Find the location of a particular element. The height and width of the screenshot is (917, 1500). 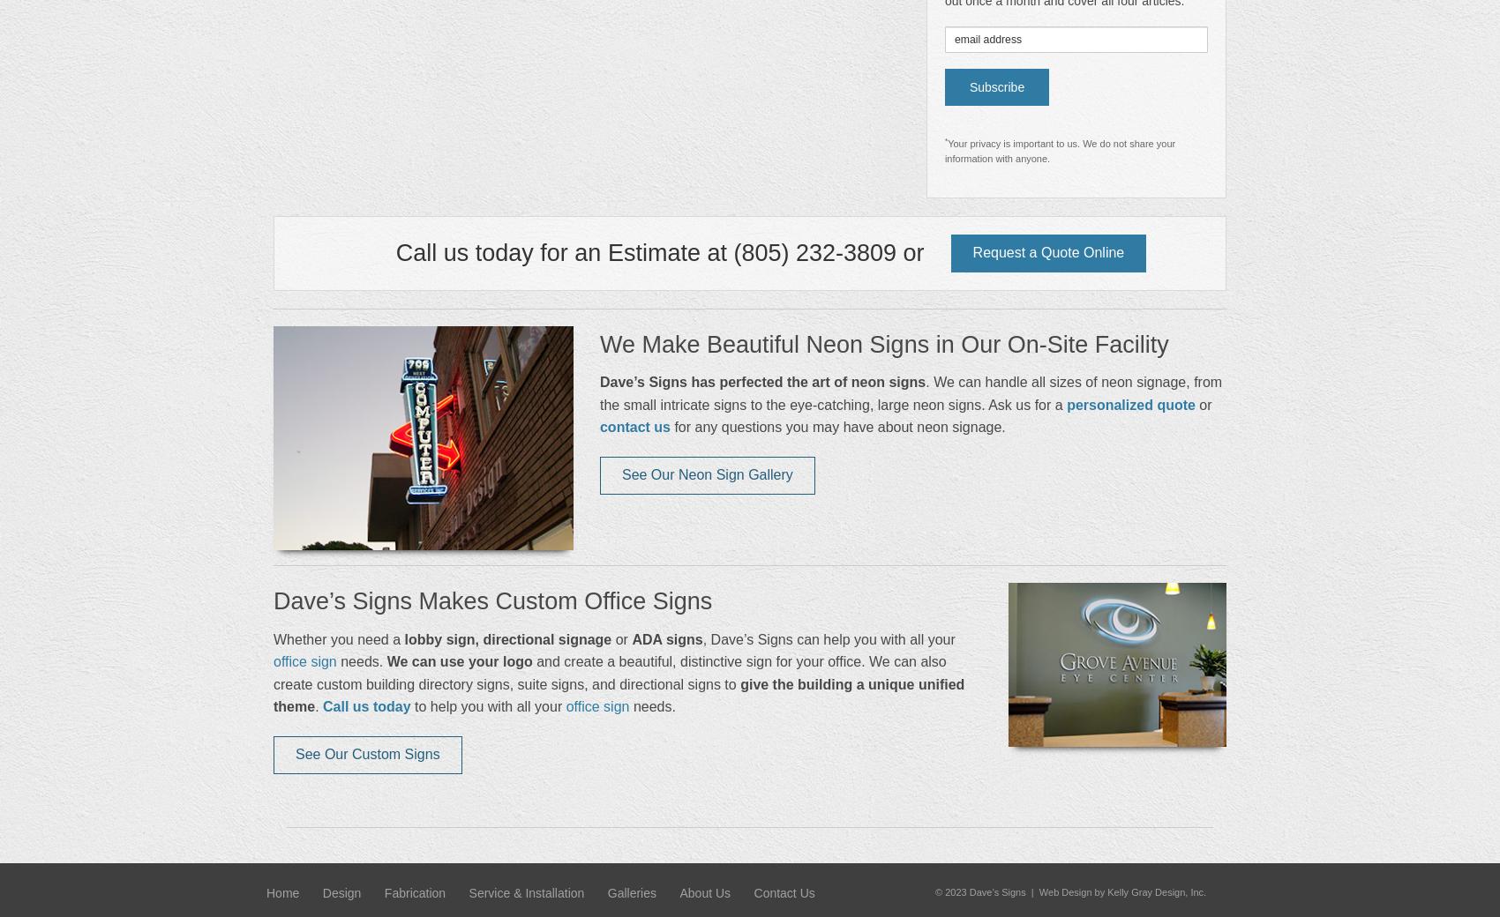

'Web Design by Kelly Gray Design, Inc.' is located at coordinates (1121, 892).